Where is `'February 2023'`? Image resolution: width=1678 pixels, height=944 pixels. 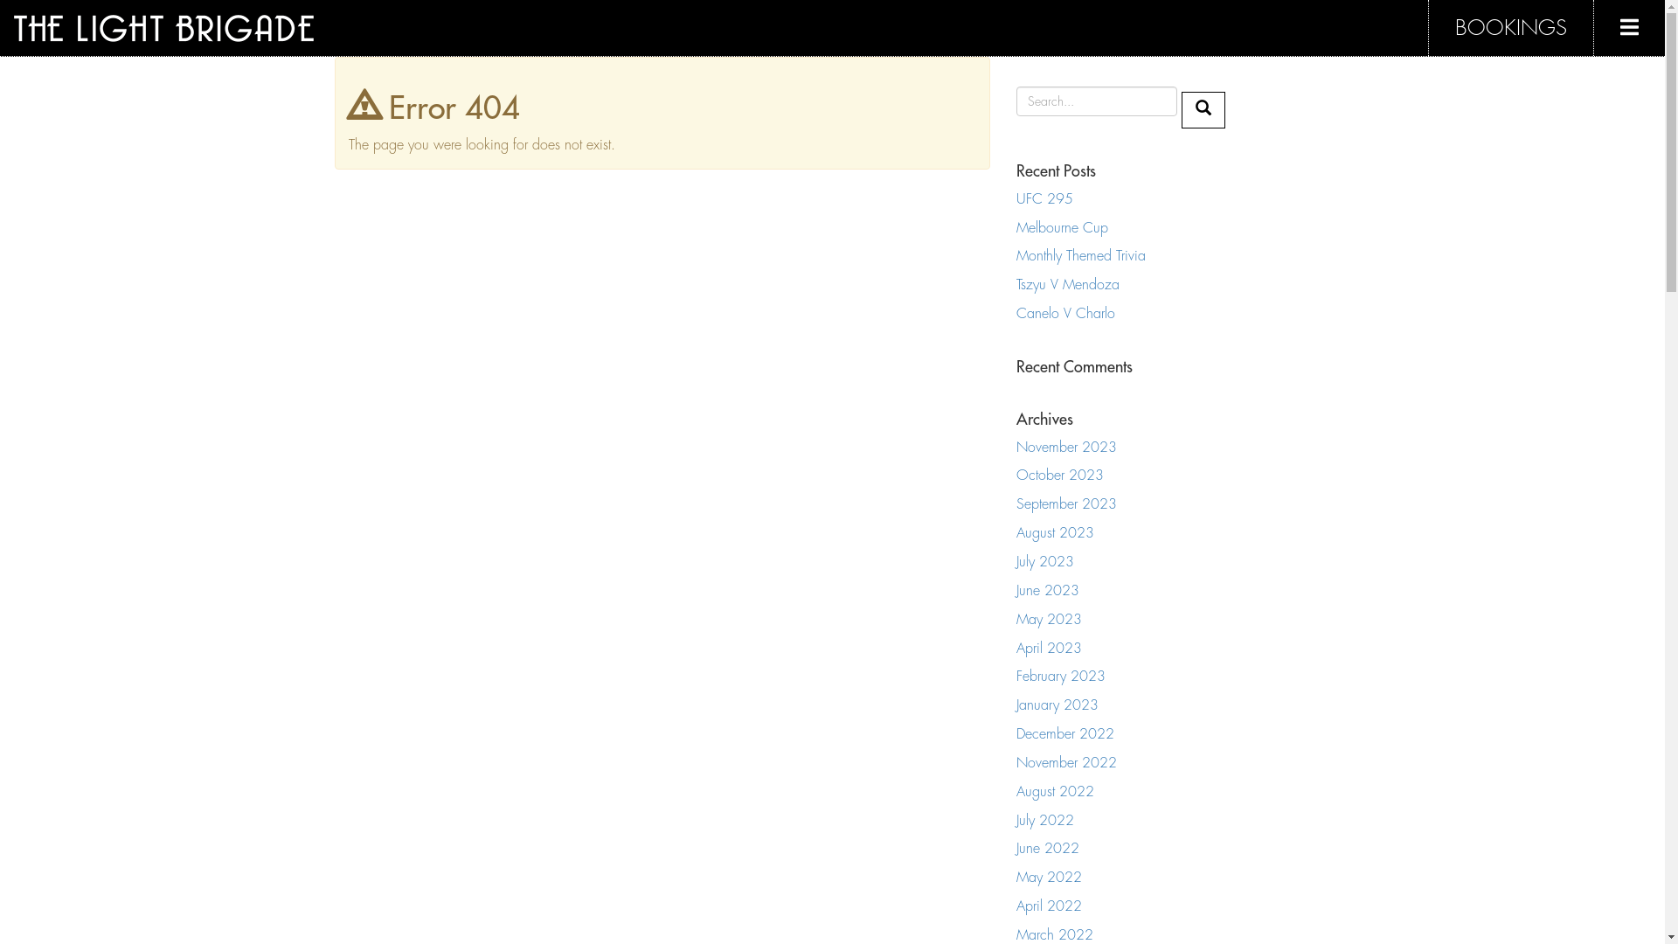 'February 2023' is located at coordinates (1059, 676).